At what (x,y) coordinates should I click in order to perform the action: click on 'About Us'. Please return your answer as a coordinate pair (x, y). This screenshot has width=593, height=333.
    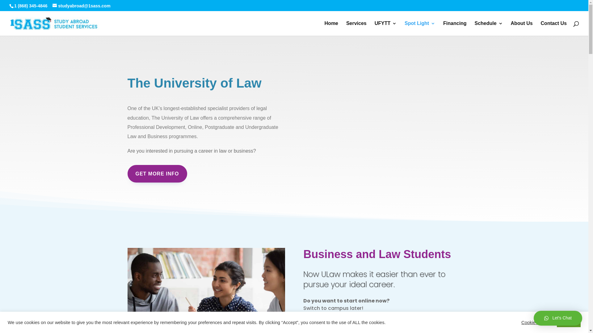
    Looking at the image, I should click on (521, 28).